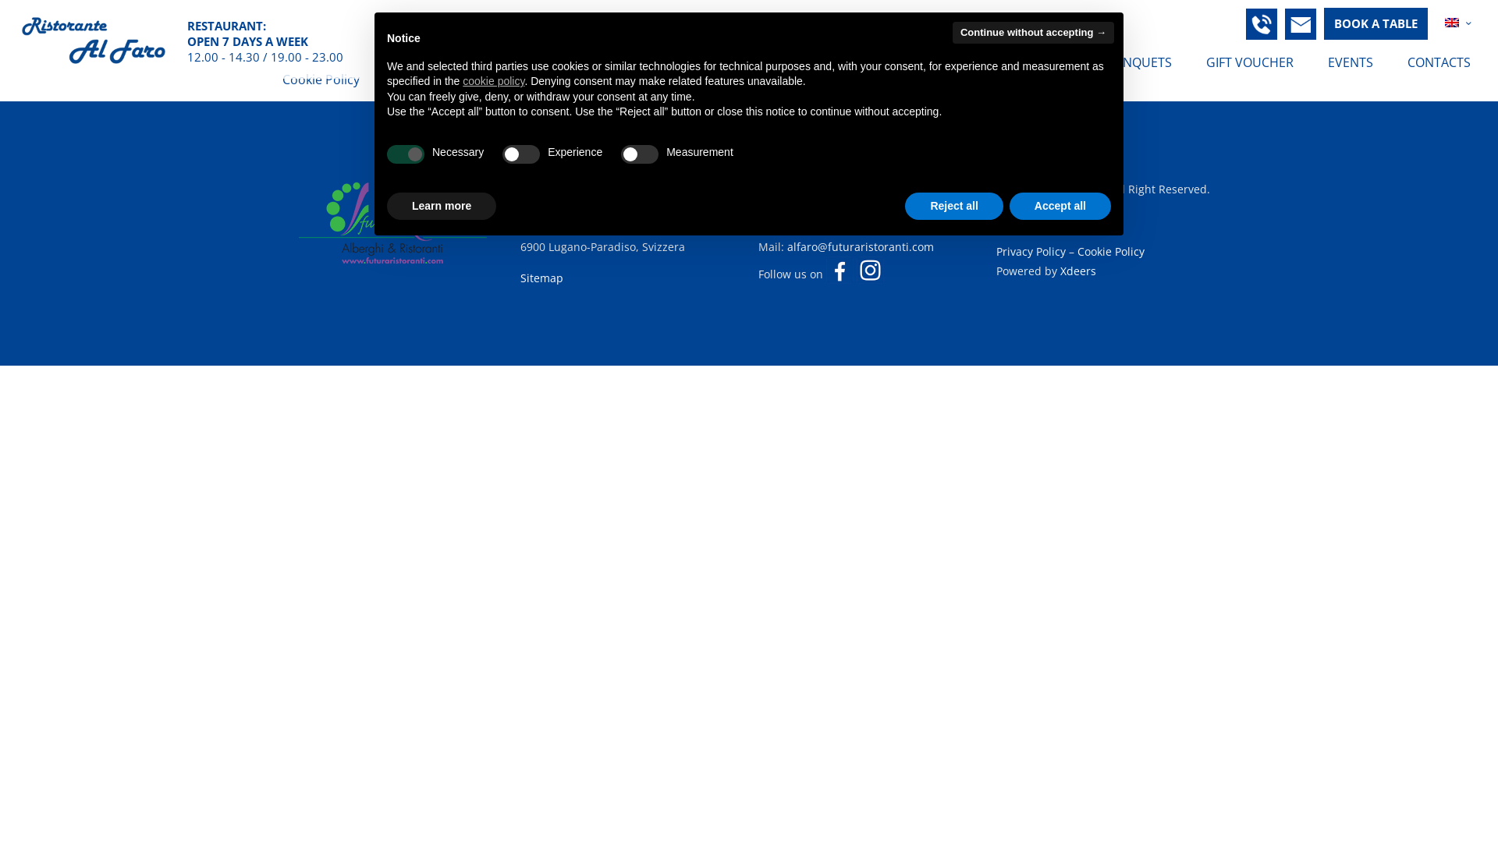  What do you see at coordinates (1031, 250) in the screenshot?
I see `'Privacy Policy'` at bounding box center [1031, 250].